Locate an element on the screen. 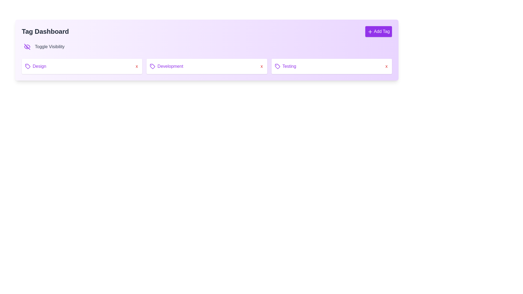 This screenshot has width=523, height=294. the close button located at the far-right side of the 'Testing' tag section is located at coordinates (386, 66).